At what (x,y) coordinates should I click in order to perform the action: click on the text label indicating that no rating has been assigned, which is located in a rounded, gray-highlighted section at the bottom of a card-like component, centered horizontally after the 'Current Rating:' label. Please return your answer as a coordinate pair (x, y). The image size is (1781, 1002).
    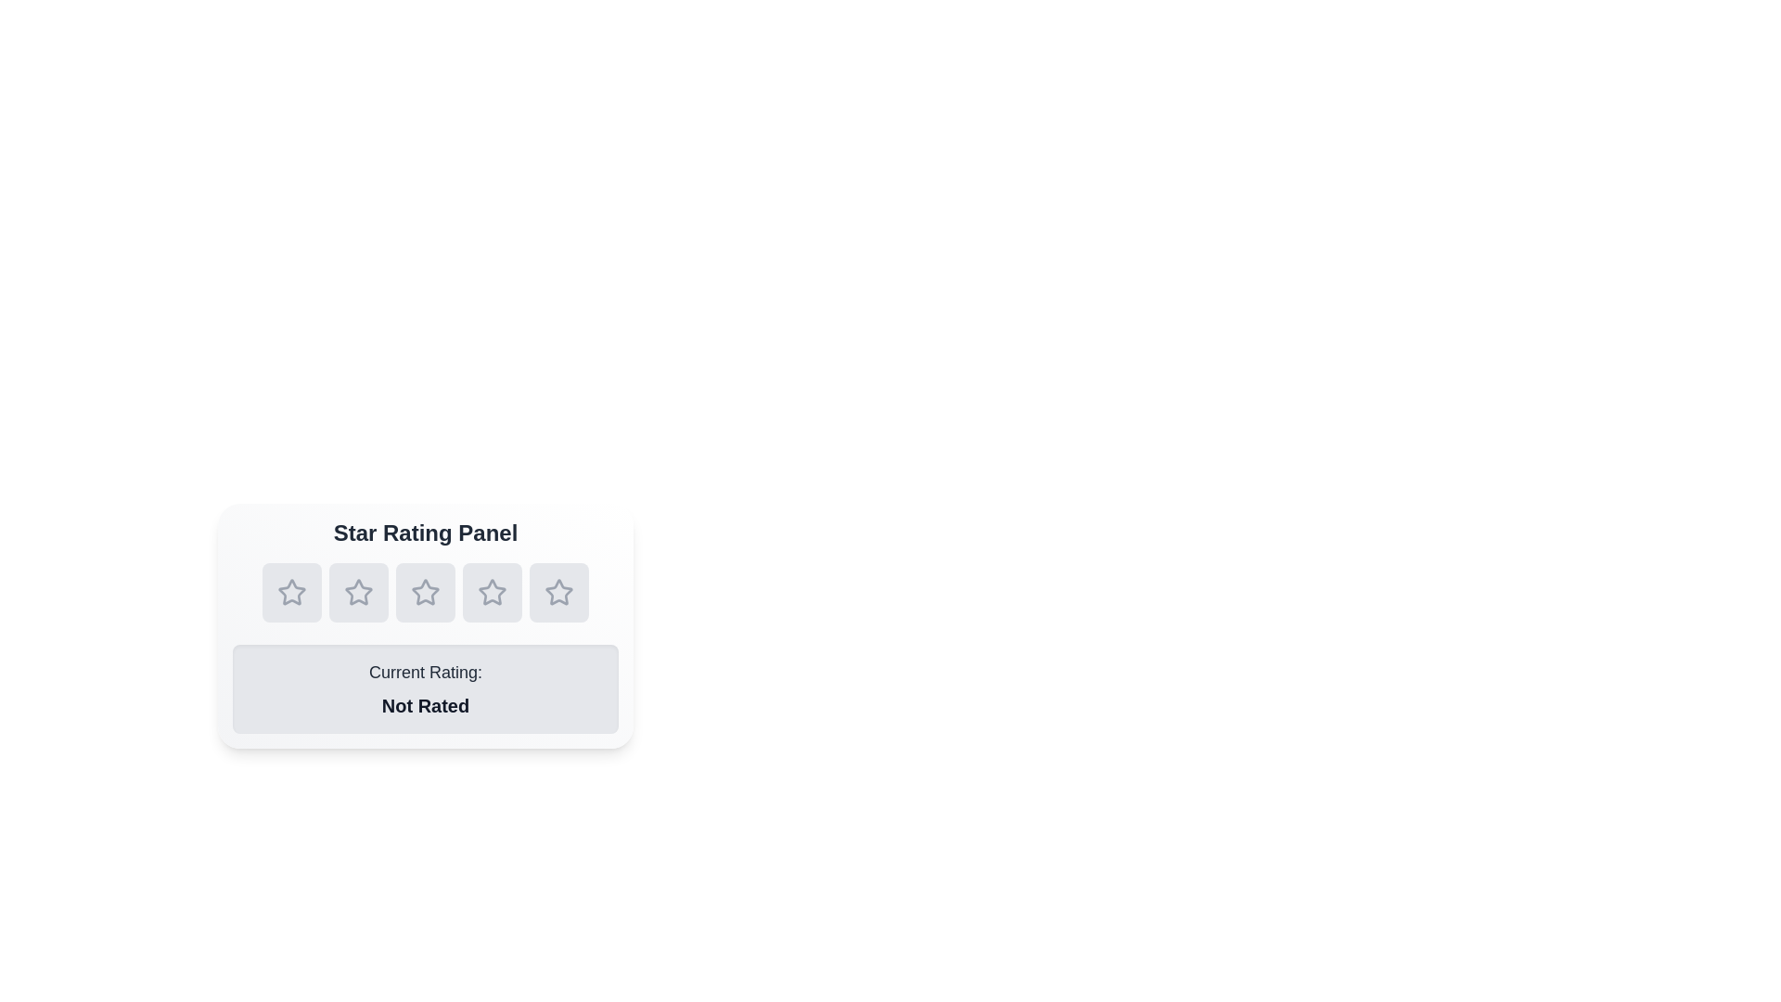
    Looking at the image, I should click on (425, 705).